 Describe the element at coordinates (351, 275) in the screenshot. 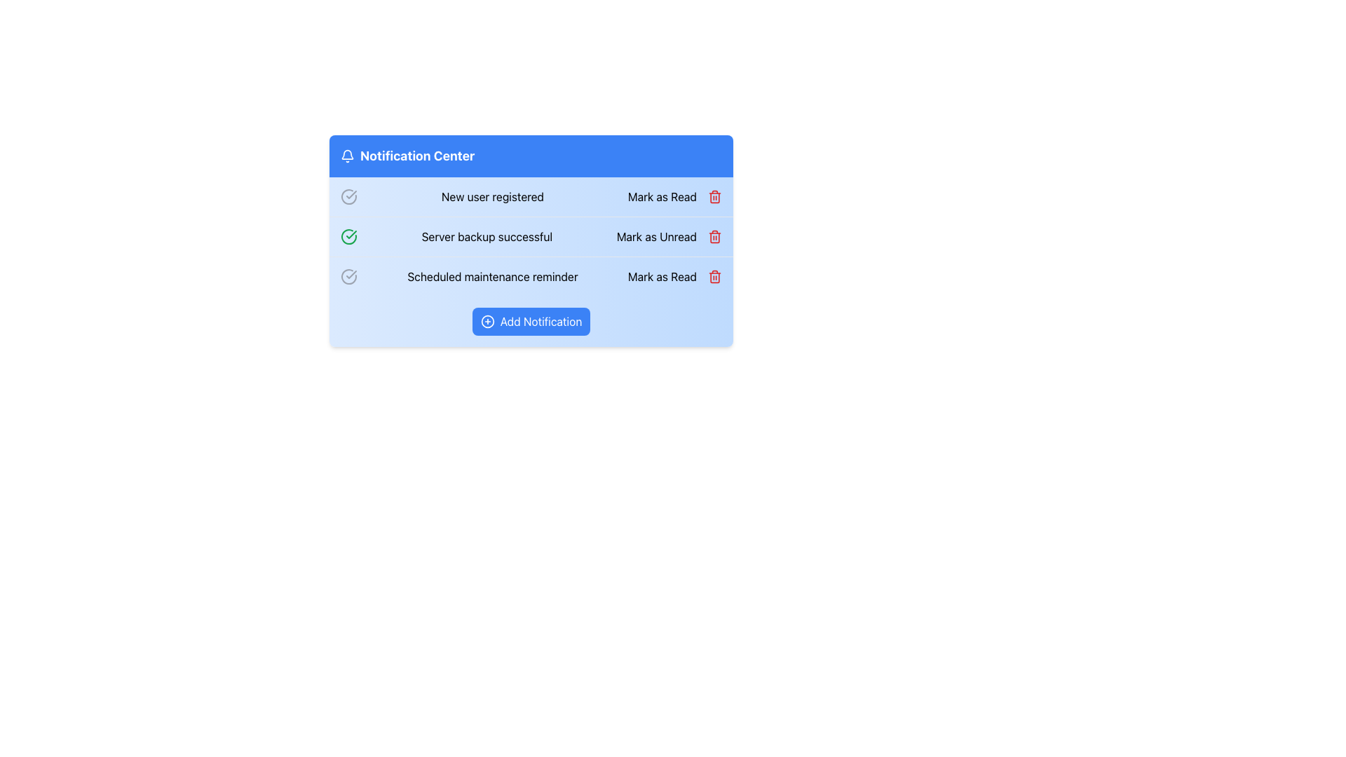

I see `the graphical checkmark icon indicating the success of the 'Server backup successful' notification, which is located to the left of the corresponding text within the notification list` at that location.